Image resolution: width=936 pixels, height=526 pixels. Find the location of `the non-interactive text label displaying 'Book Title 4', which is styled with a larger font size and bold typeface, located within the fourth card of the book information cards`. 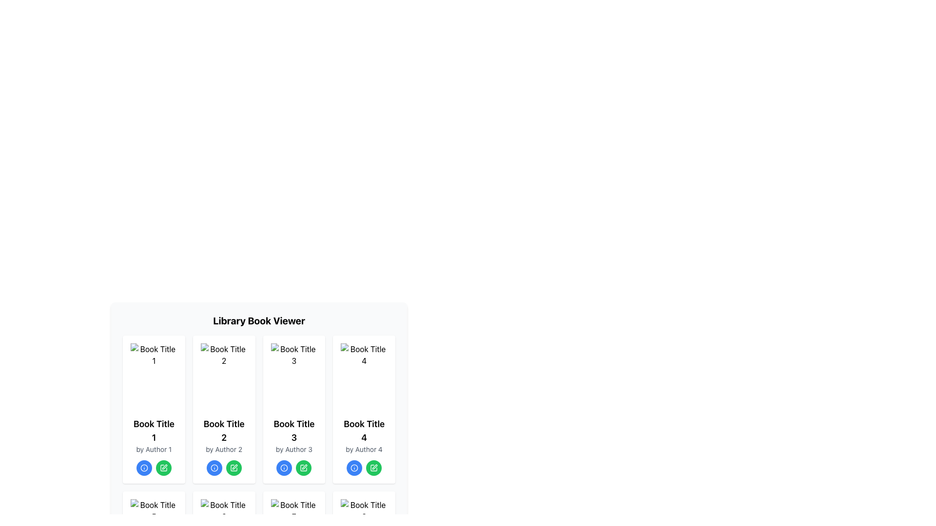

the non-interactive text label displaying 'Book Title 4', which is styled with a larger font size and bold typeface, located within the fourth card of the book information cards is located at coordinates (364, 430).